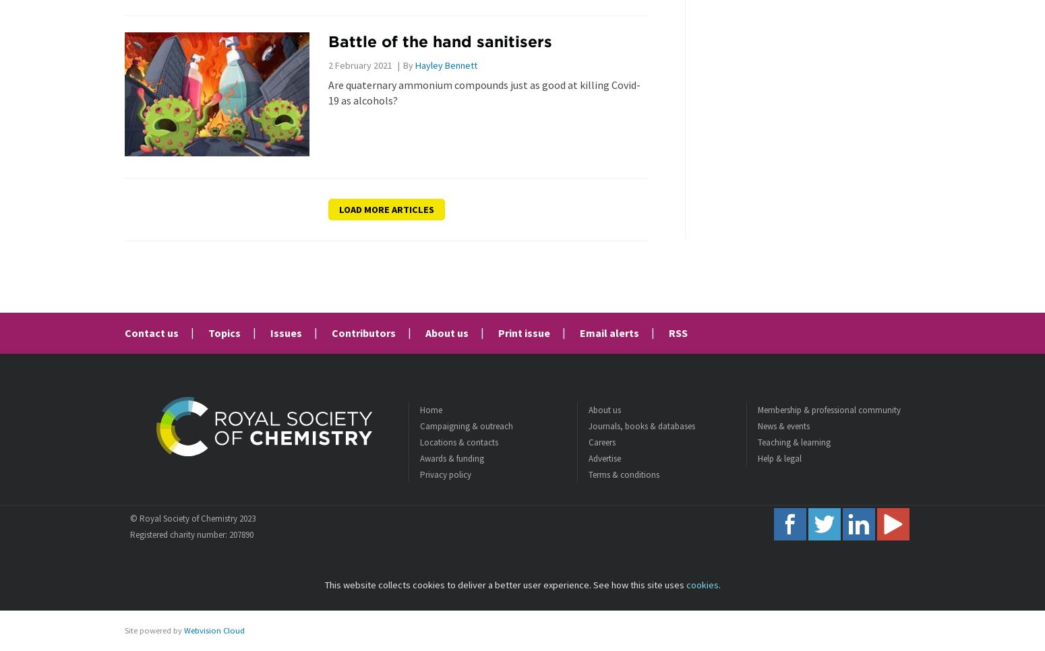  I want to click on 'Are quaternary ammonium compounds just as good at killing Covid-19 as alcohols?', so click(326, 92).